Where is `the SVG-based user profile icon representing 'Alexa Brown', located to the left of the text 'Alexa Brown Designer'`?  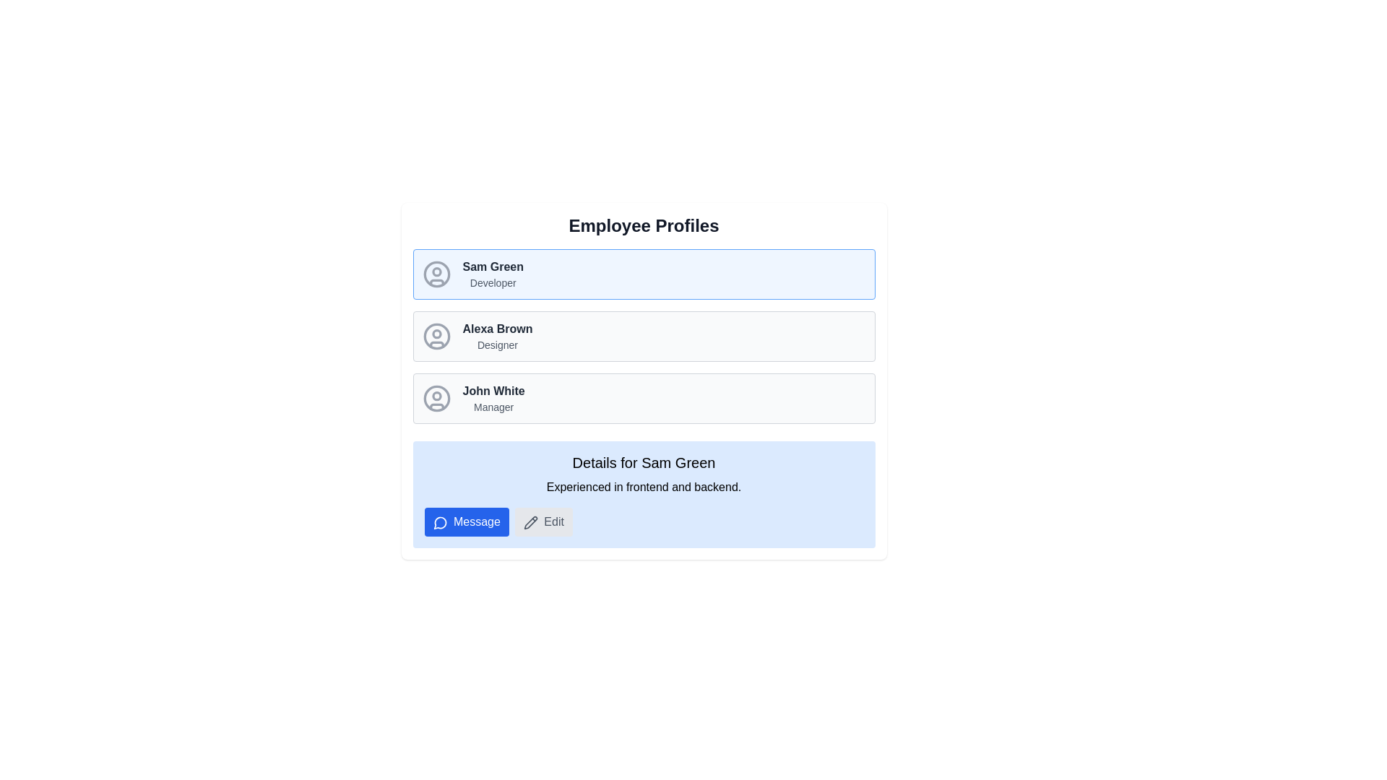 the SVG-based user profile icon representing 'Alexa Brown', located to the left of the text 'Alexa Brown Designer' is located at coordinates (436, 337).